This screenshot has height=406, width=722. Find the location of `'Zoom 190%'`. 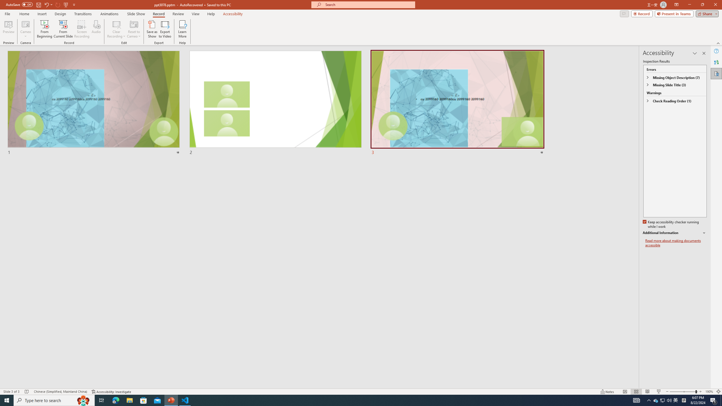

'Zoom 190%' is located at coordinates (709, 392).